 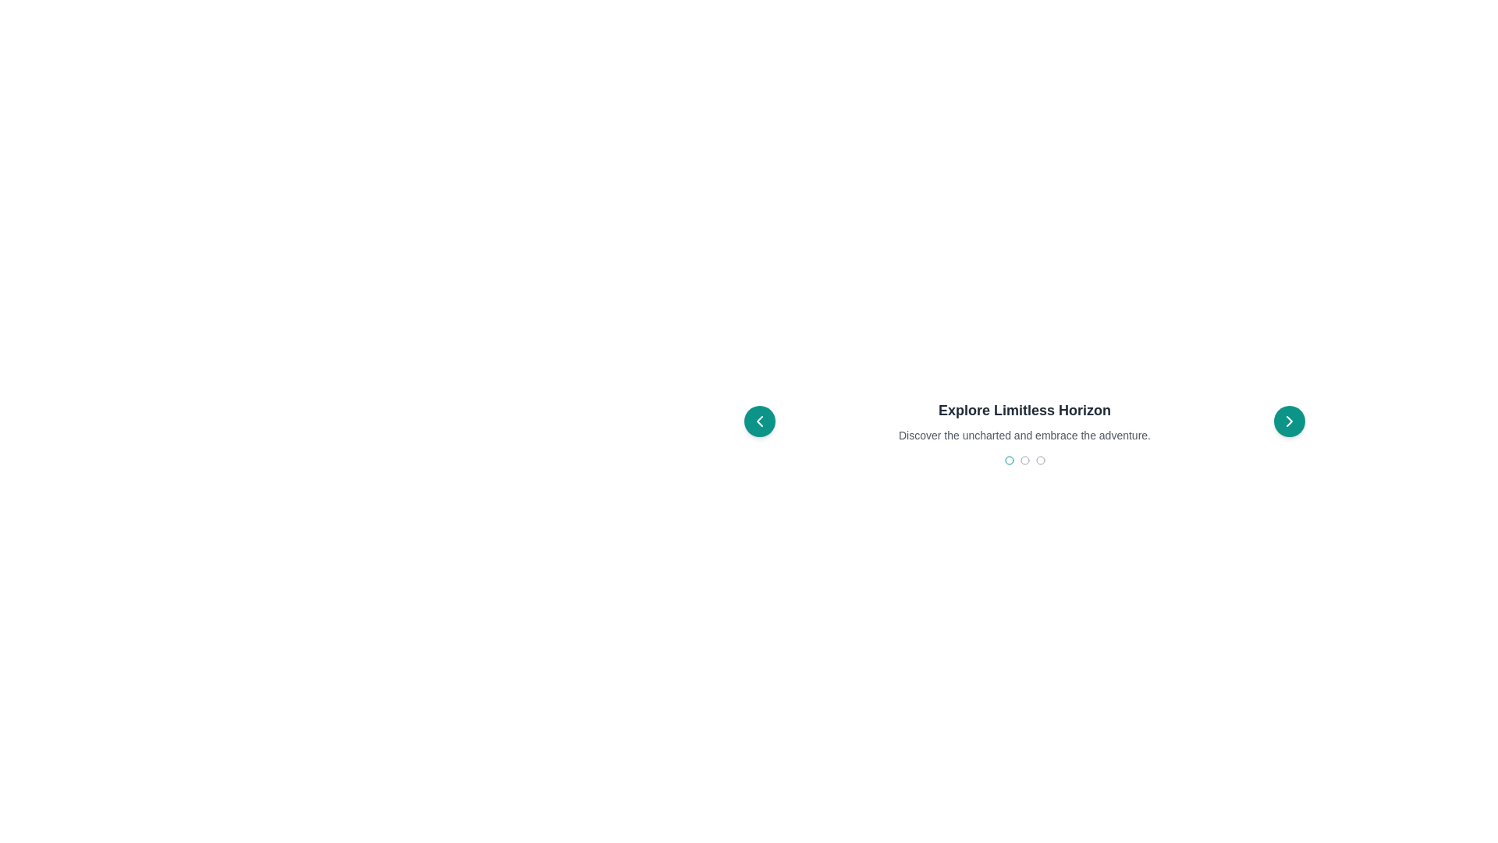 What do you see at coordinates (1040, 460) in the screenshot?
I see `the third circular navigation button located beneath the text 'Explore Limitless Horizon'` at bounding box center [1040, 460].